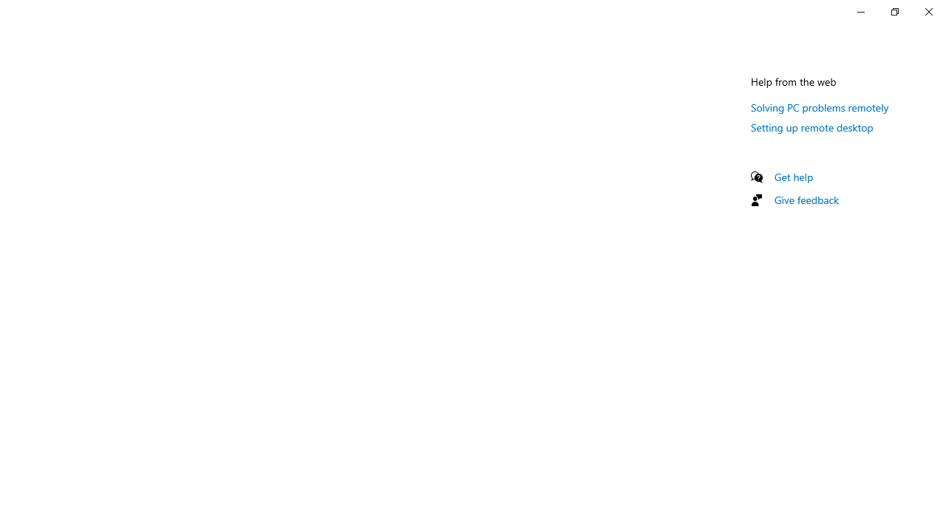  I want to click on 'Give feedback', so click(806, 199).